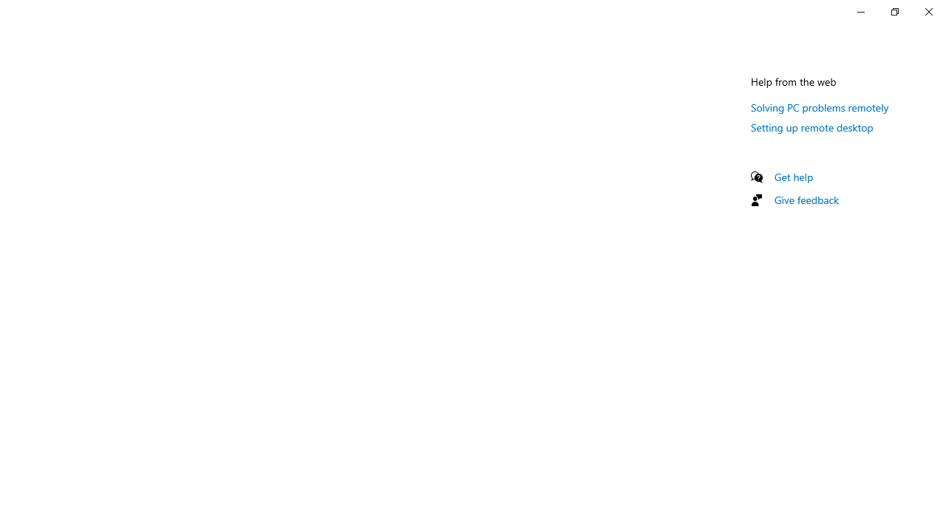  I want to click on 'Give feedback', so click(806, 199).